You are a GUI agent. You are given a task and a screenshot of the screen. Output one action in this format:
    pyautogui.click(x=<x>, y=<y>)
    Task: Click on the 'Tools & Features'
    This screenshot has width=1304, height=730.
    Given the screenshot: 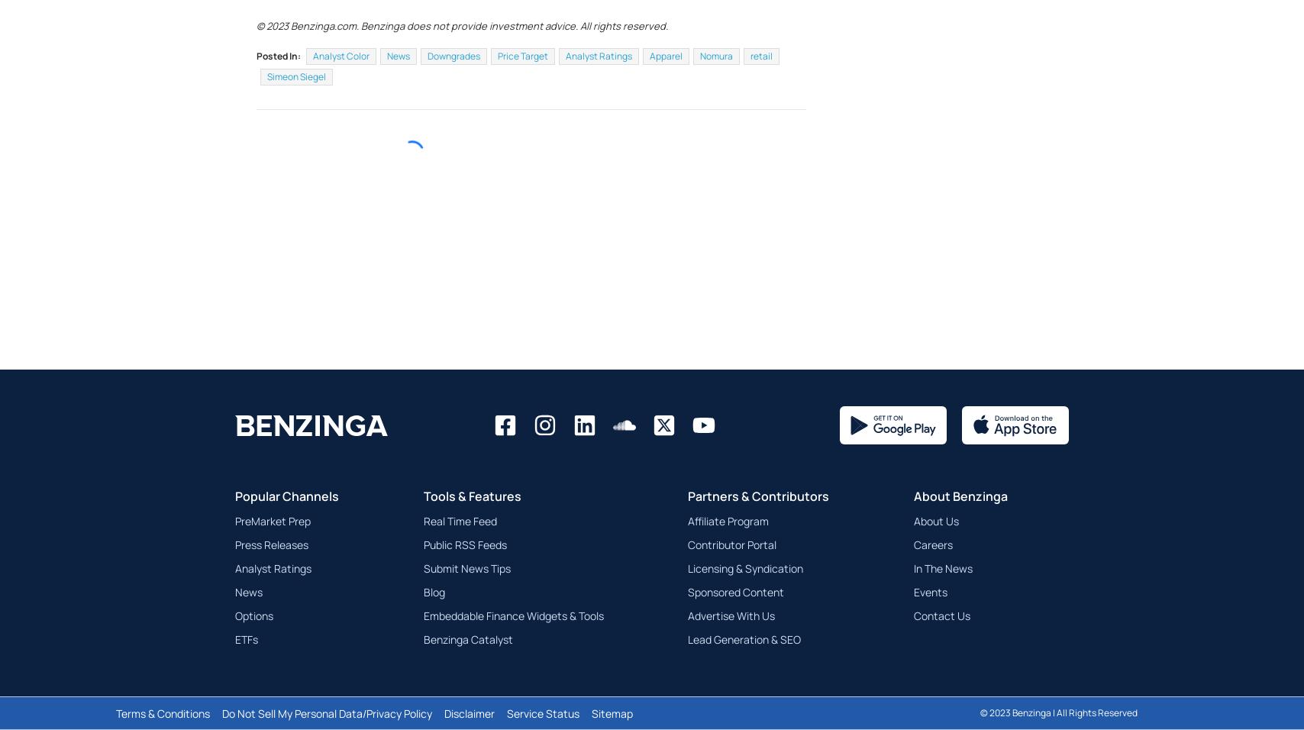 What is the action you would take?
    pyautogui.click(x=423, y=532)
    